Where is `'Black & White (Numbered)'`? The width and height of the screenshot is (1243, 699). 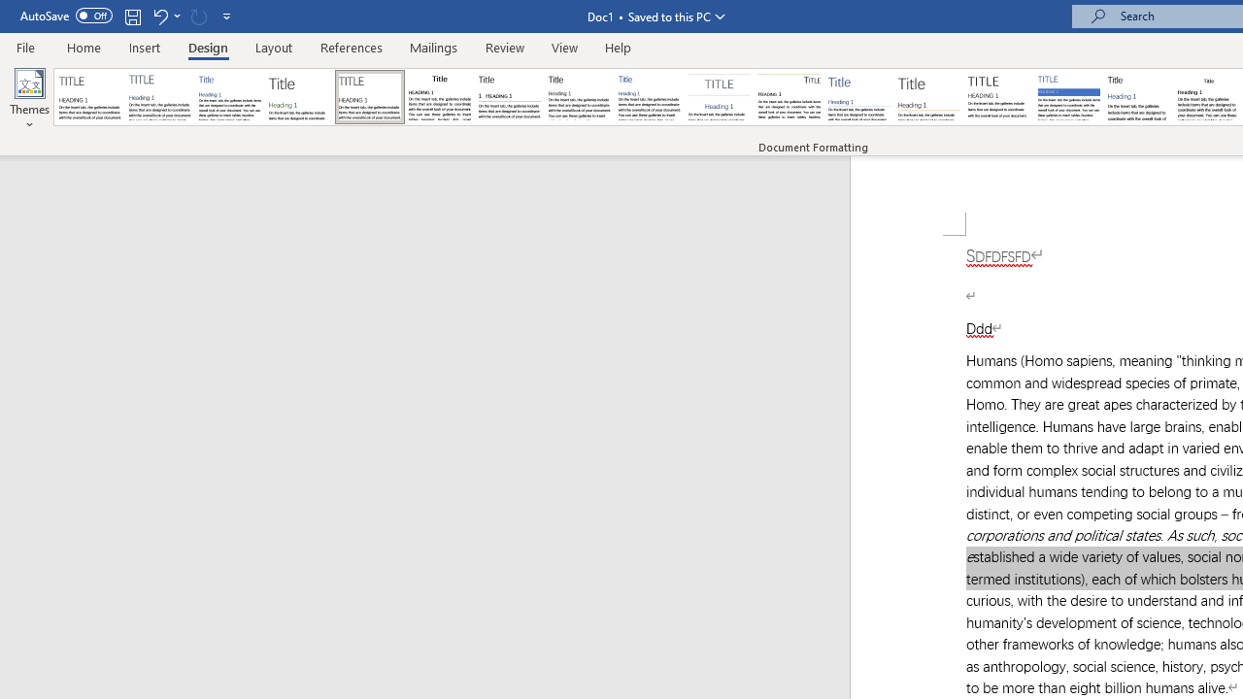
'Black & White (Numbered)' is located at coordinates (509, 97).